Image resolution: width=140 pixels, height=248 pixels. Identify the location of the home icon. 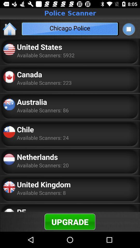
(10, 29).